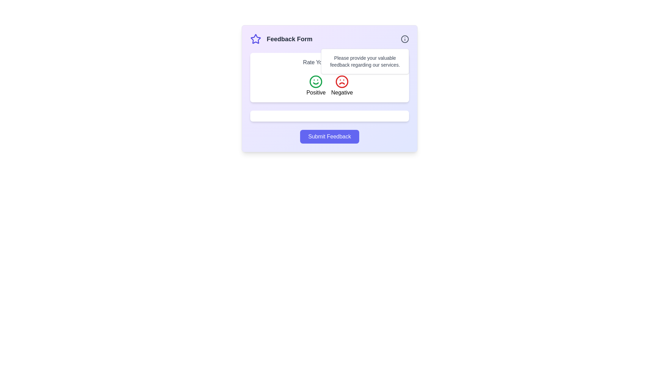  What do you see at coordinates (255, 39) in the screenshot?
I see `the star-shaped icon rendered in bold indigo color next to the 'Feedback Form' label` at bounding box center [255, 39].